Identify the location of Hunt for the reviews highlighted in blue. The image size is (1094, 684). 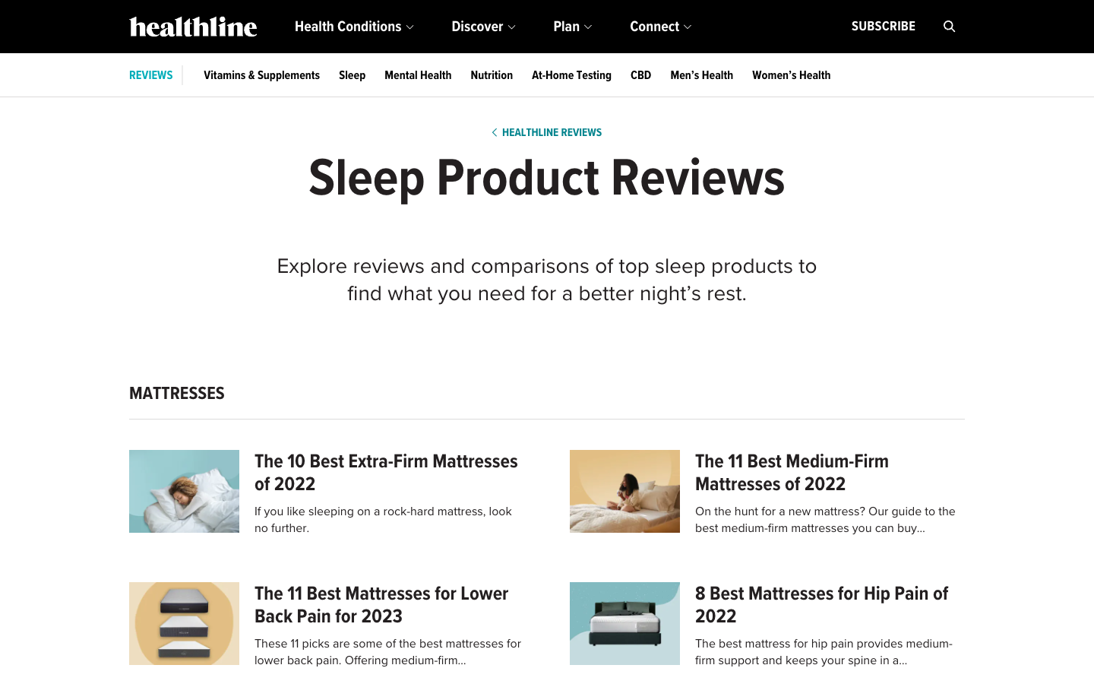
(150, 74).